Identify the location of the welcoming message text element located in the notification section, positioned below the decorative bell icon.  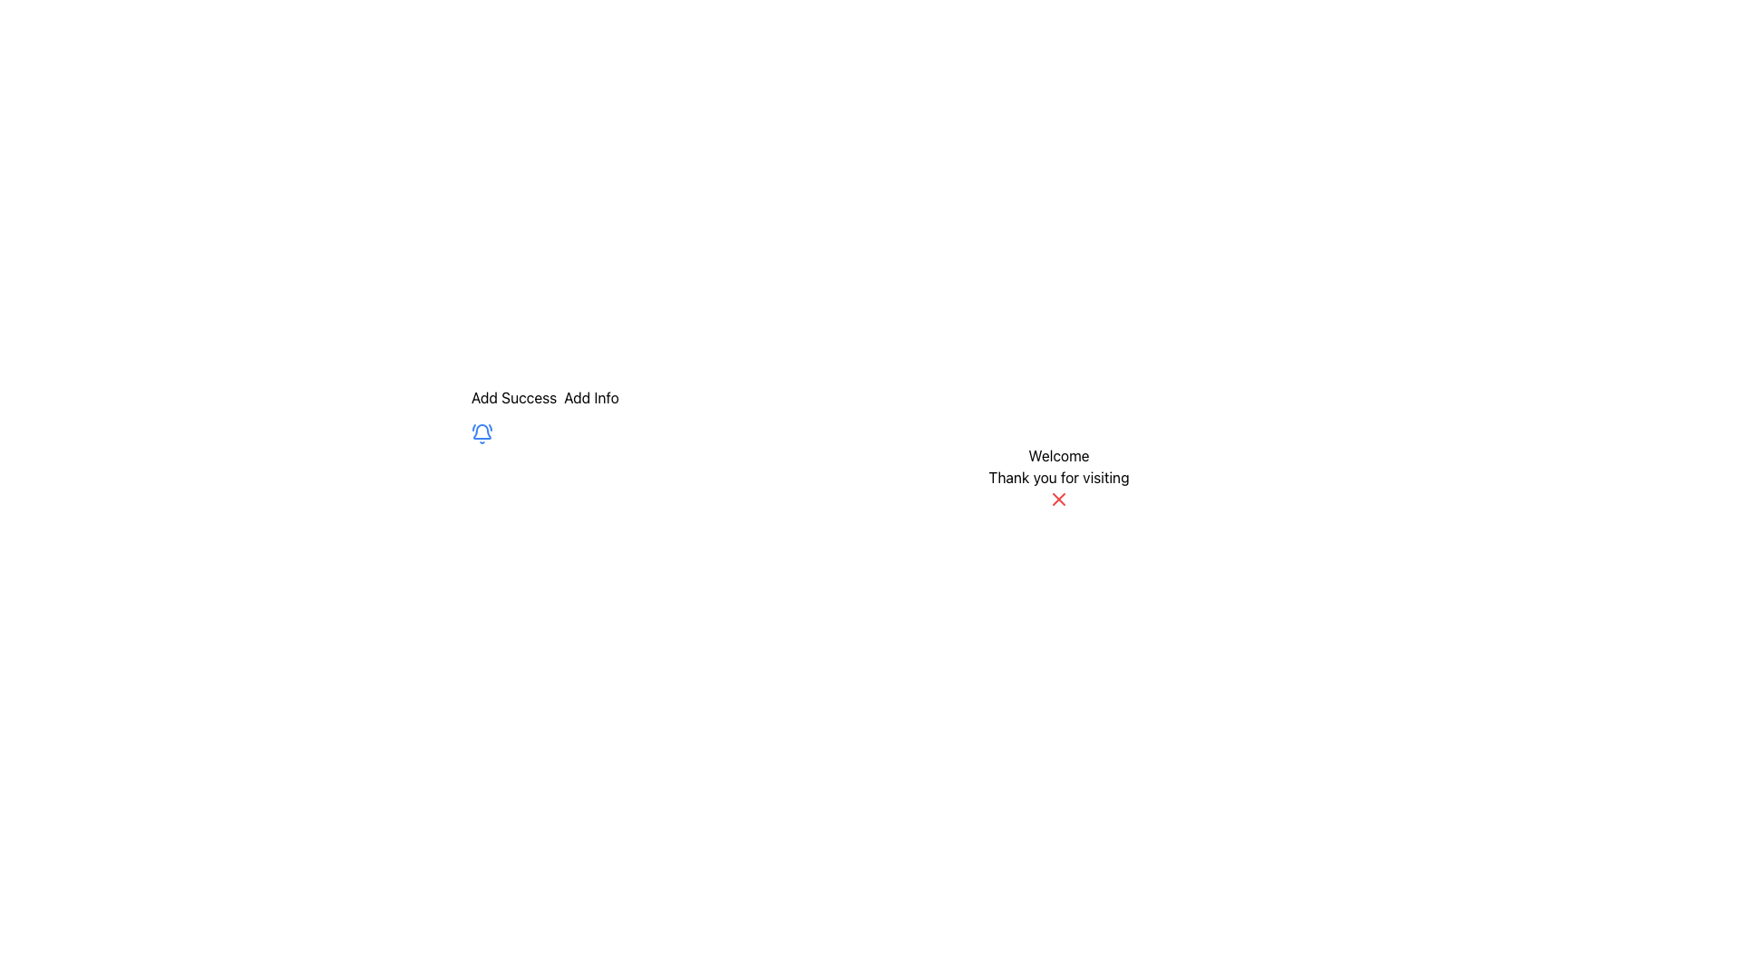
(1058, 466).